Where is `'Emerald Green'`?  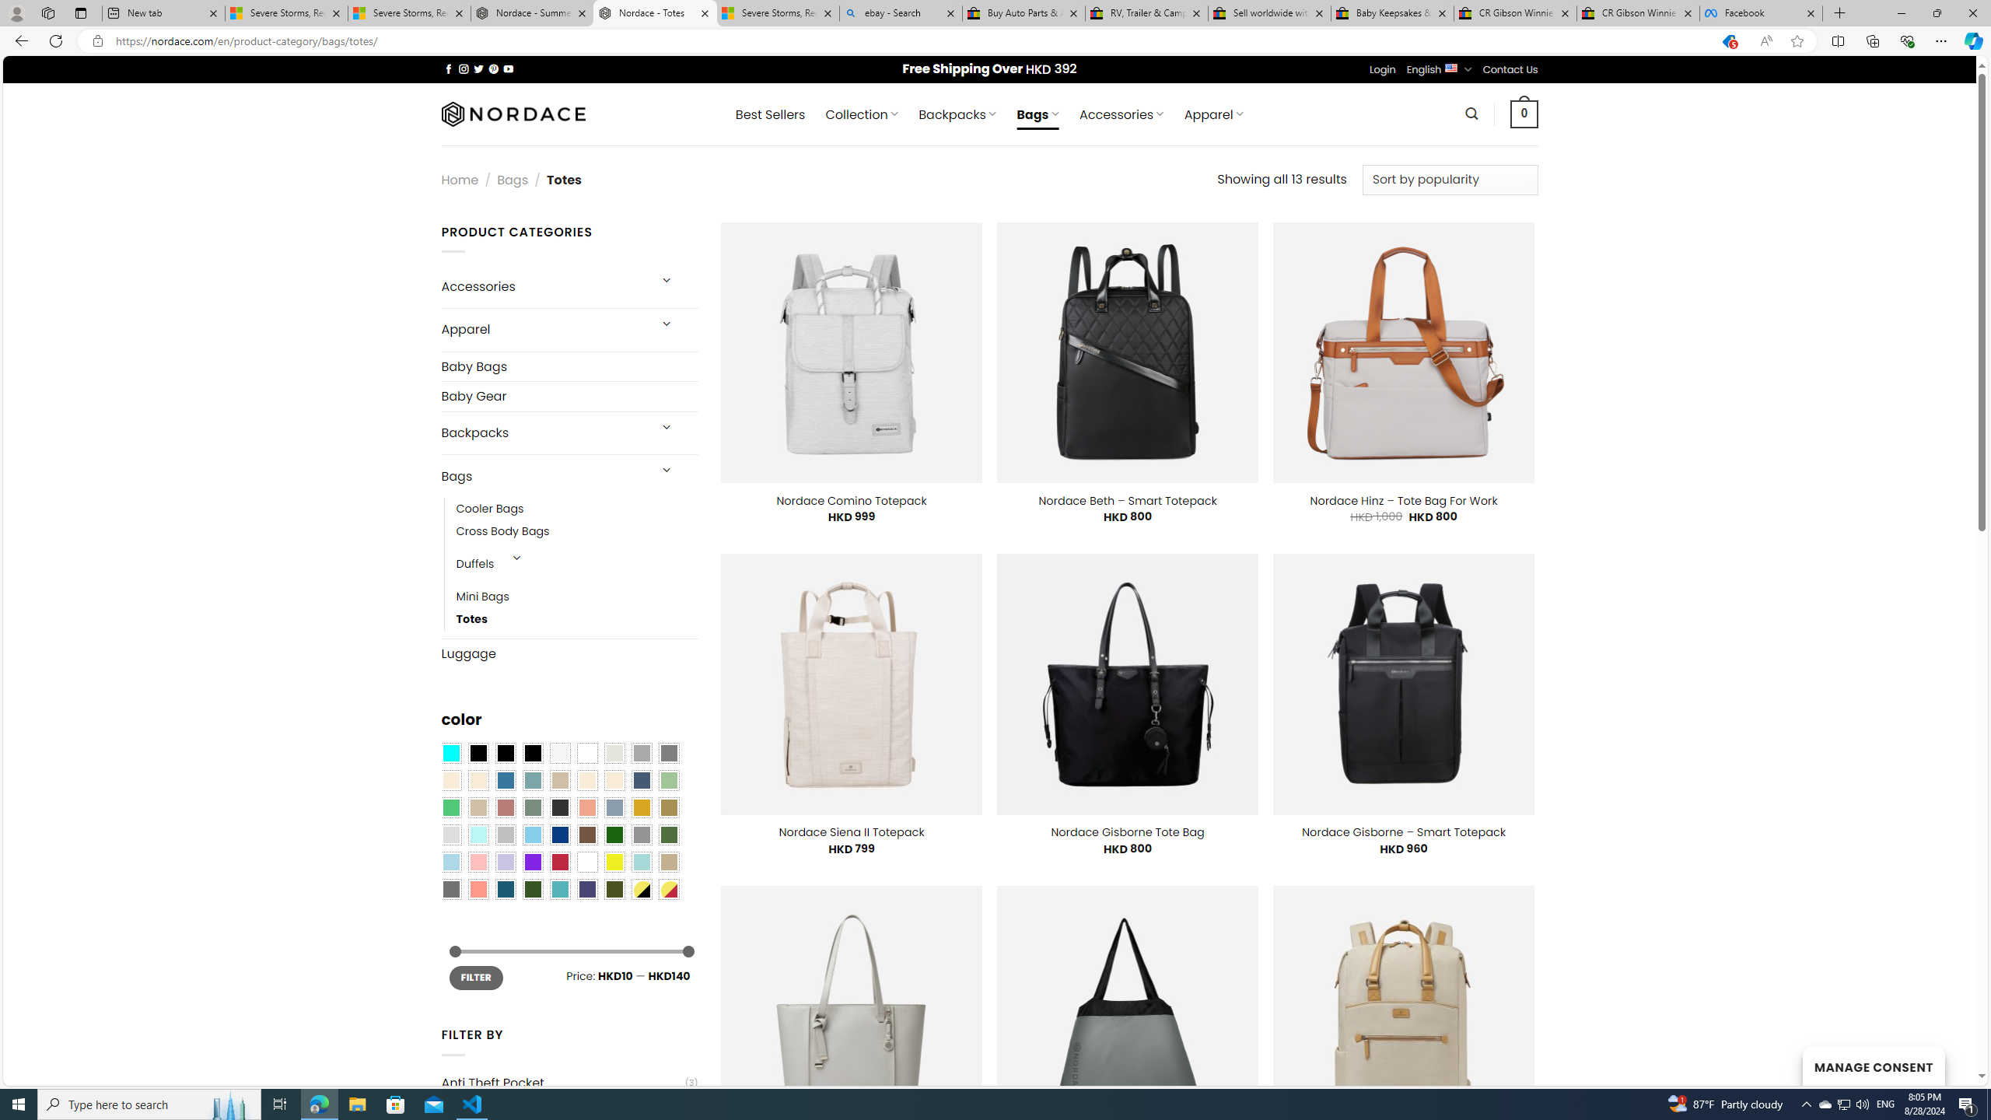 'Emerald Green' is located at coordinates (450, 807).